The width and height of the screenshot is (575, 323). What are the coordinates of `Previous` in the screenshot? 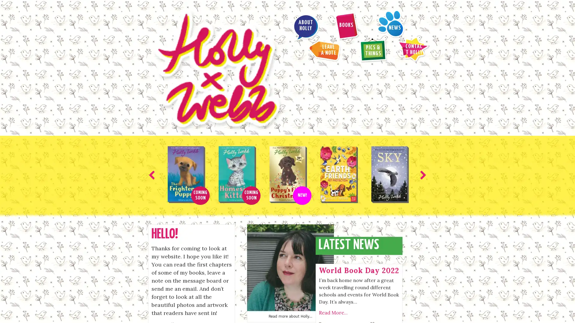 It's located at (252, 303).